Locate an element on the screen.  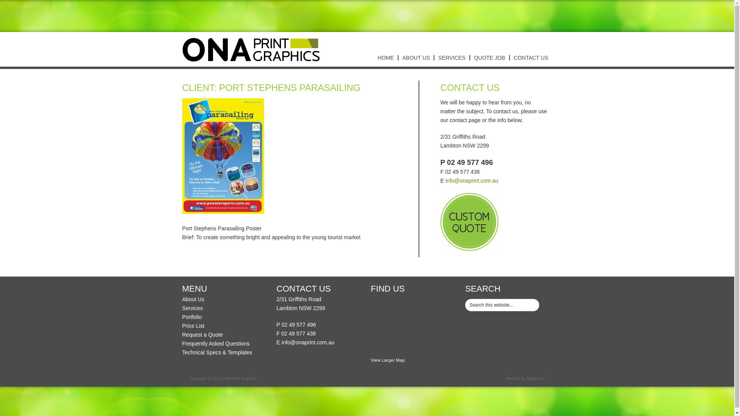
'ONA PRINT GRAPHICS' is located at coordinates (251, 49).